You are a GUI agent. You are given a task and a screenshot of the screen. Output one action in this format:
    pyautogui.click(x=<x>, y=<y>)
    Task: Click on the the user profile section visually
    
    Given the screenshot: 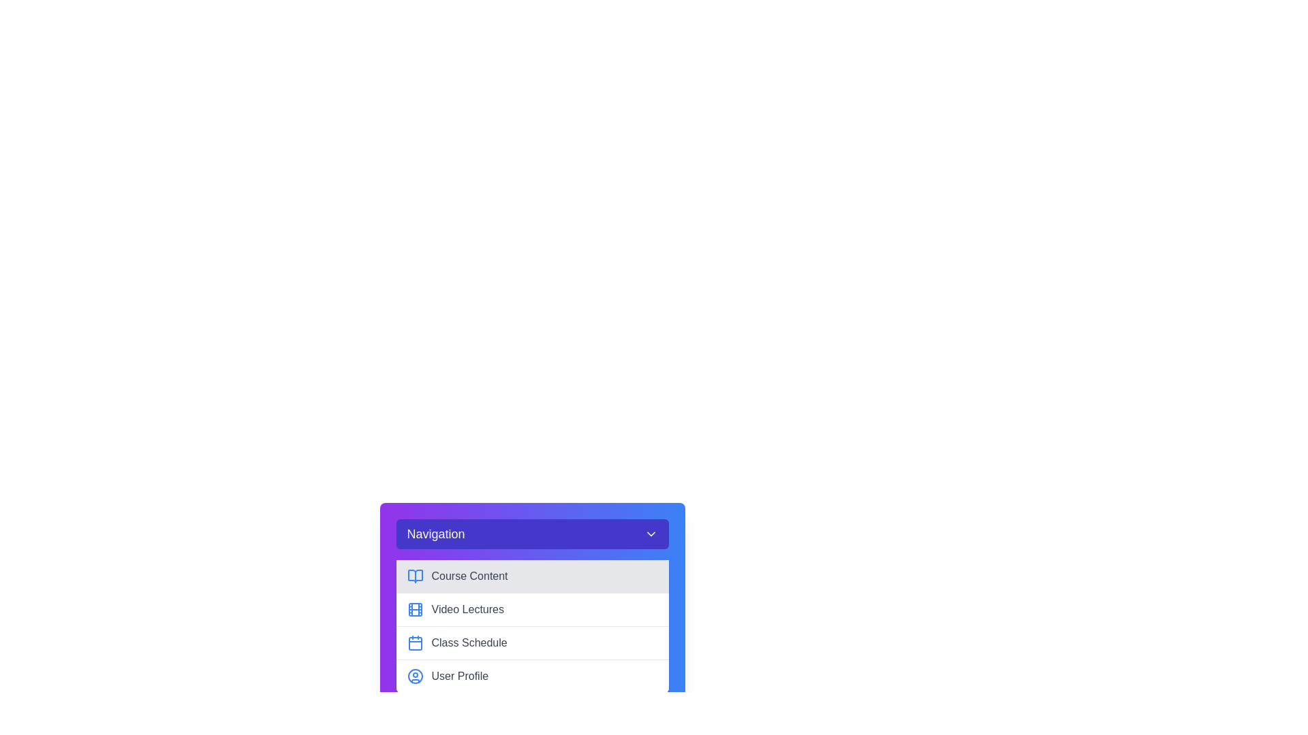 What is the action you would take?
    pyautogui.click(x=414, y=676)
    